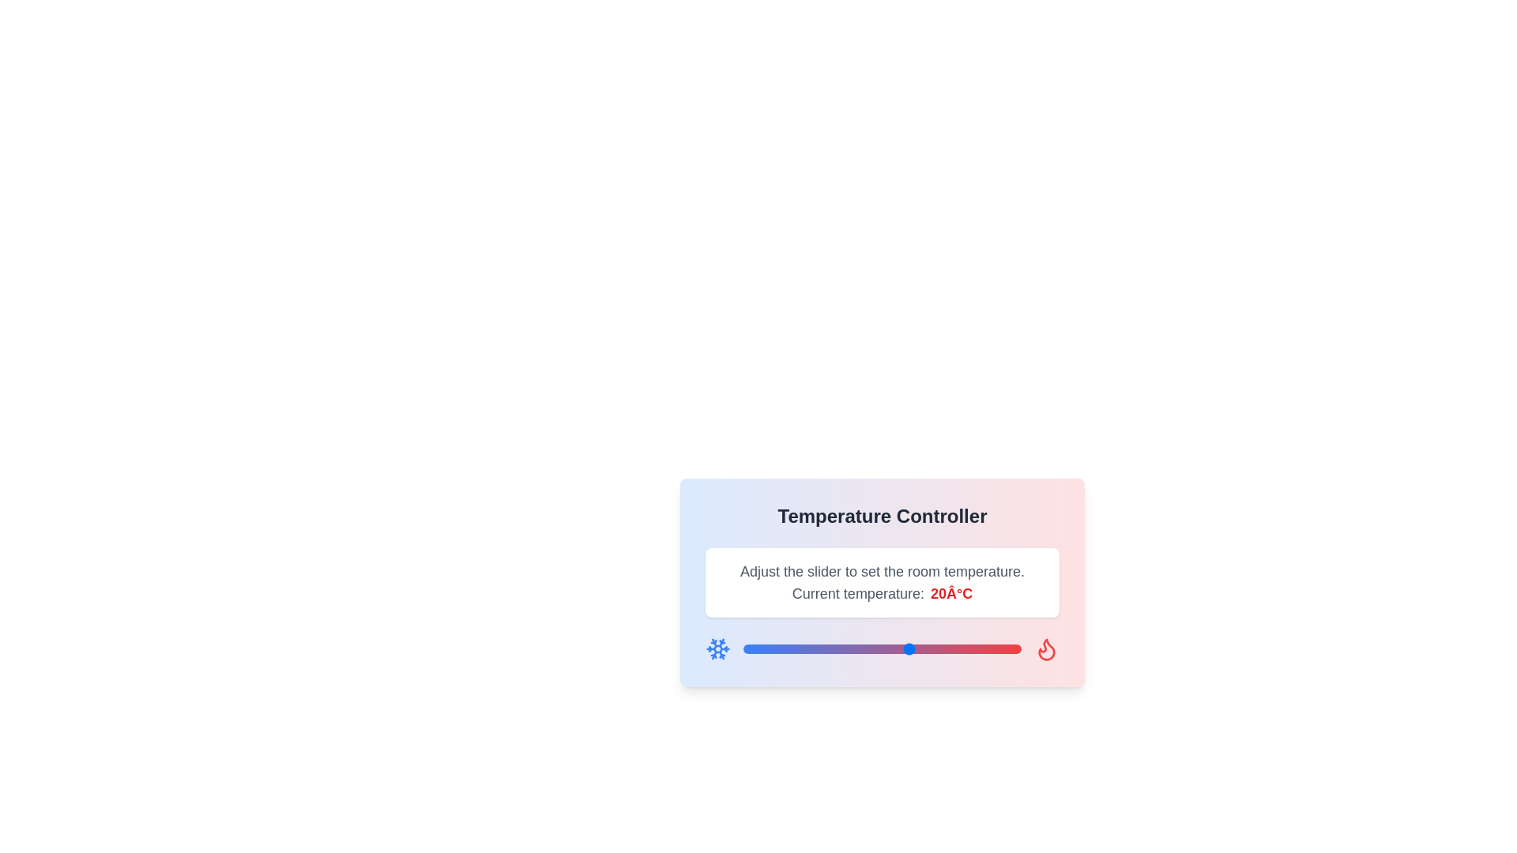 Image resolution: width=1517 pixels, height=853 pixels. I want to click on the temperature slider to set the temperature to -6°C, so click(766, 648).